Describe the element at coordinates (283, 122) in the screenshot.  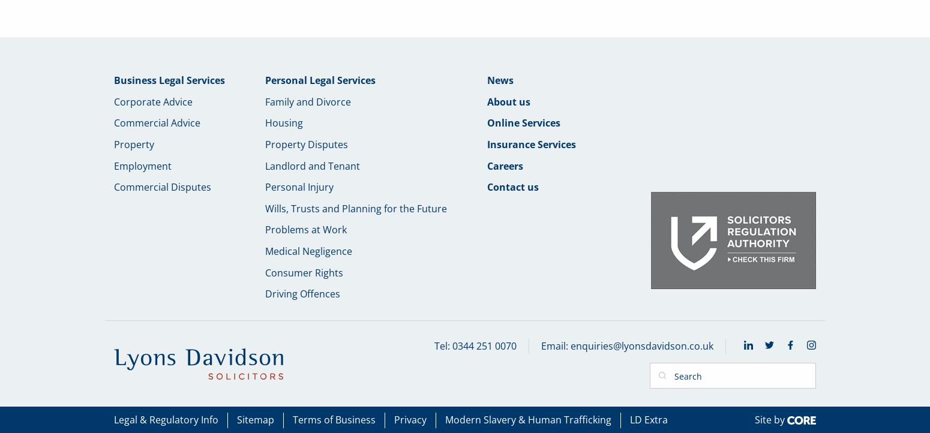
I see `'Housing'` at that location.